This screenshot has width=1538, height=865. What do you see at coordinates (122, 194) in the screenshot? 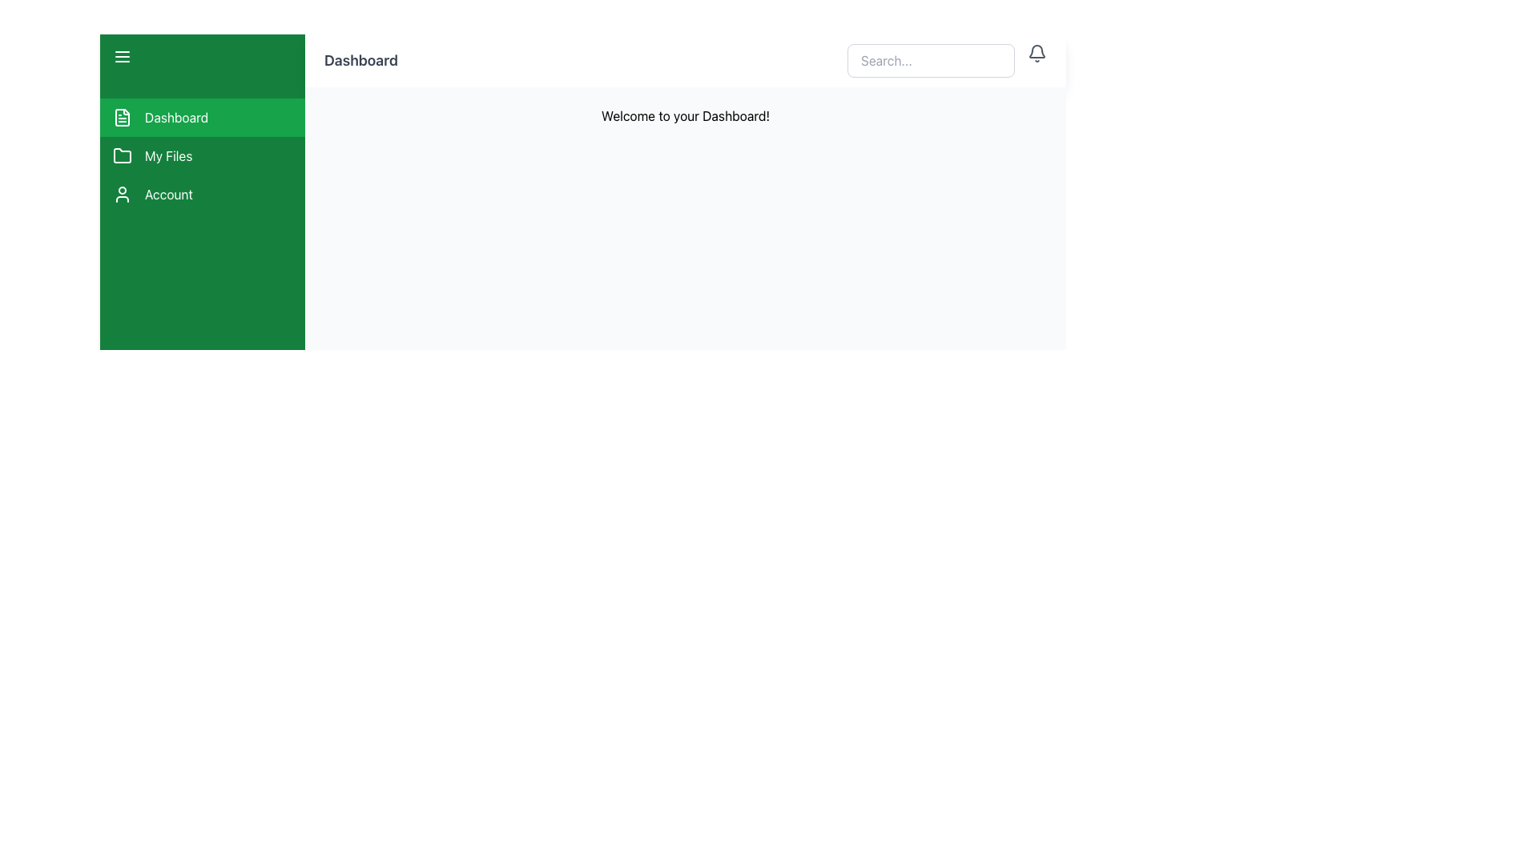
I see `the user-related options icon located next to the 'Account' text in the vertical navigation menu` at bounding box center [122, 194].